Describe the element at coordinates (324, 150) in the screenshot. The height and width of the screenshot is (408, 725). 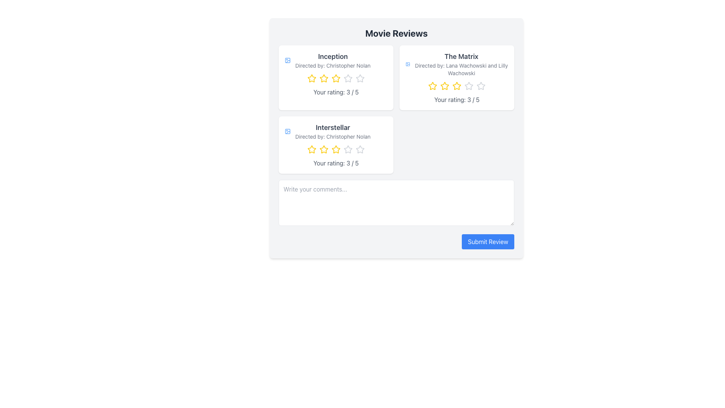
I see `the third star in the sequence of five stars to rate 'Interstellar' with a score of 3 out of 5` at that location.